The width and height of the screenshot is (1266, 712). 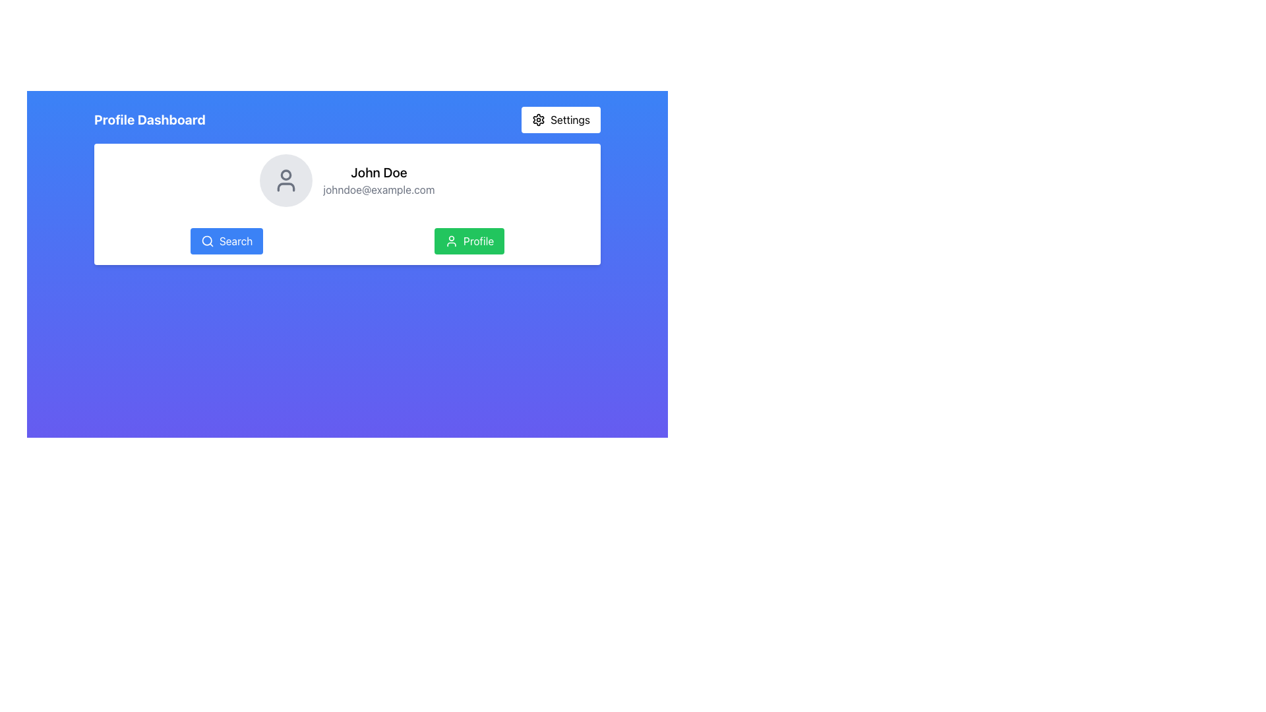 I want to click on the informational label displaying the email address associated with the profile, located below the 'John Doe' text within the profile card, so click(x=378, y=190).